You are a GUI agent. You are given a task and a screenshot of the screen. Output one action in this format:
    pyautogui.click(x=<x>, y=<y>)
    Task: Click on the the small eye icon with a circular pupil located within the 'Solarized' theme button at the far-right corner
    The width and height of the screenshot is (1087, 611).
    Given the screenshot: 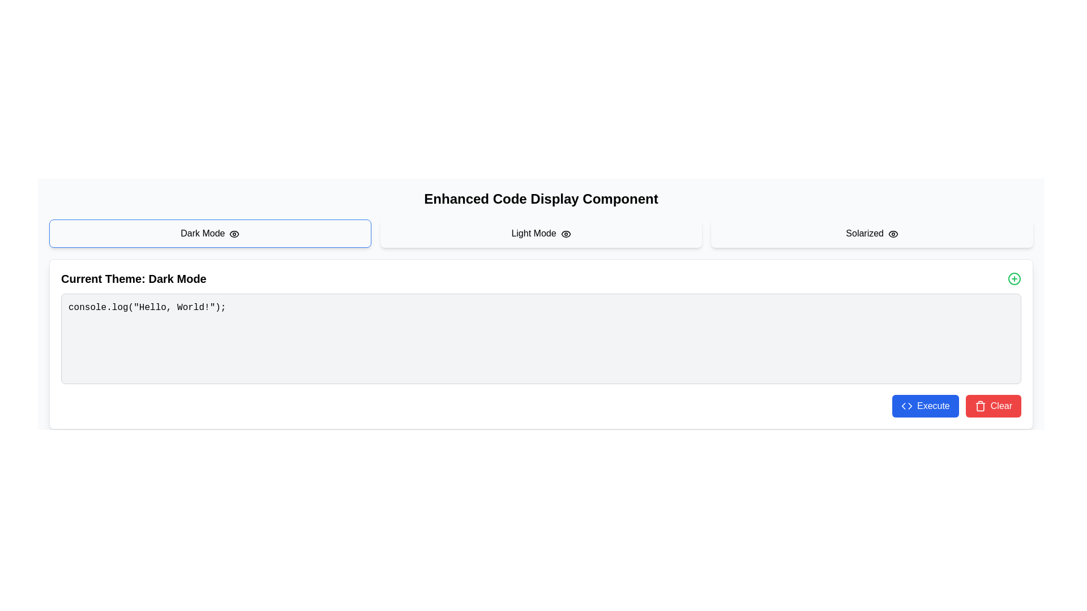 What is the action you would take?
    pyautogui.click(x=893, y=233)
    